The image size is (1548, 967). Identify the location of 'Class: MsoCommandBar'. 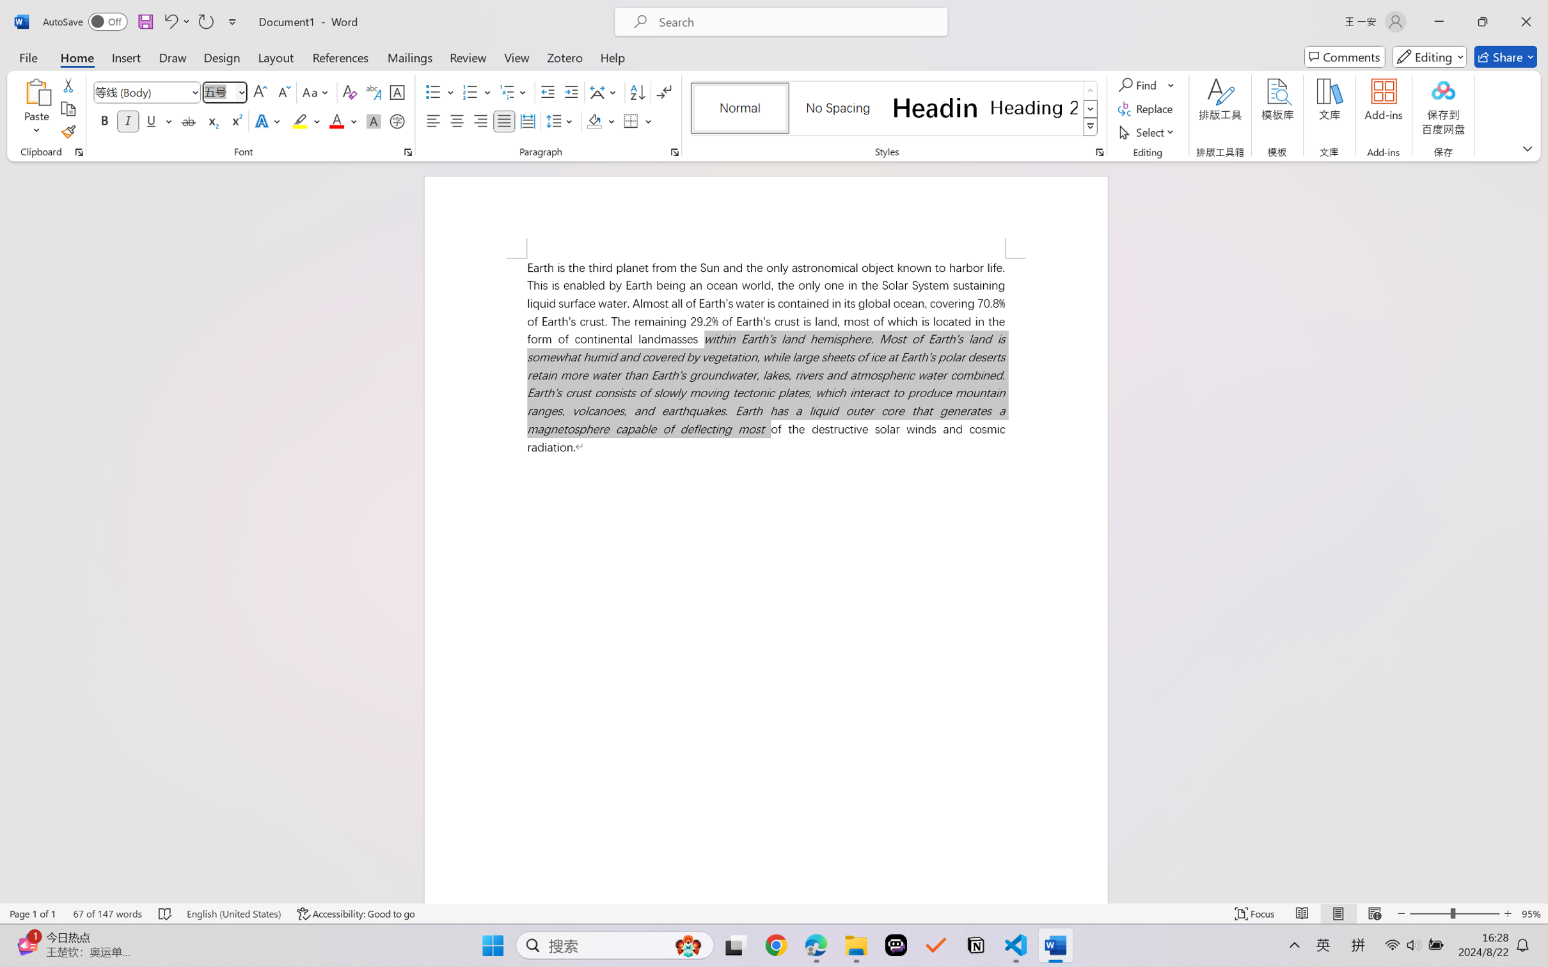
(774, 913).